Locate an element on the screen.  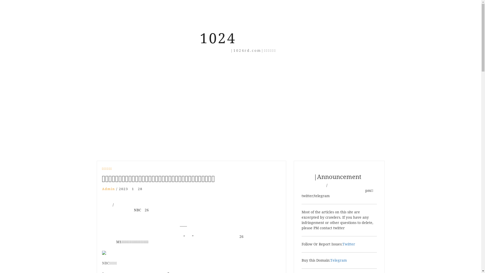
'Admin' is located at coordinates (108, 189).